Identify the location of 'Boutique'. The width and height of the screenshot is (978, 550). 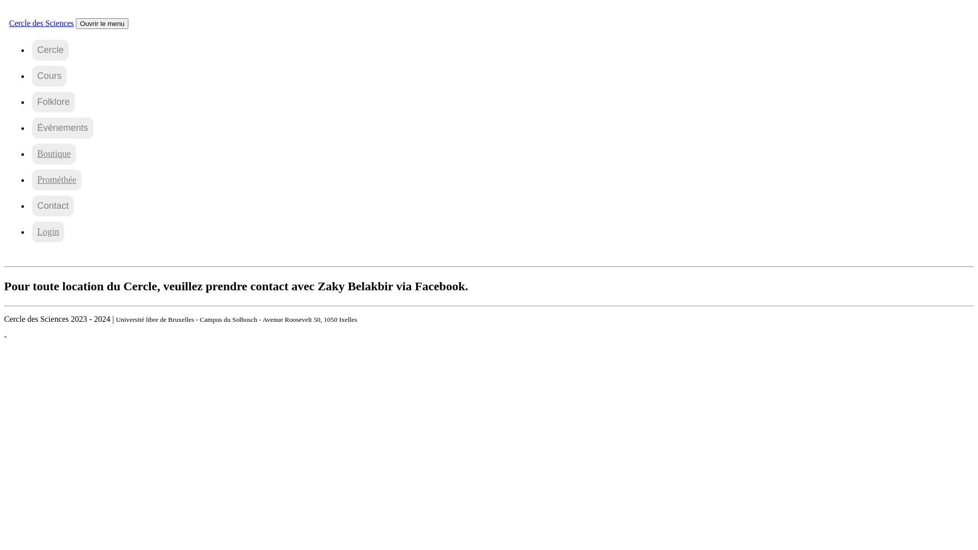
(53, 154).